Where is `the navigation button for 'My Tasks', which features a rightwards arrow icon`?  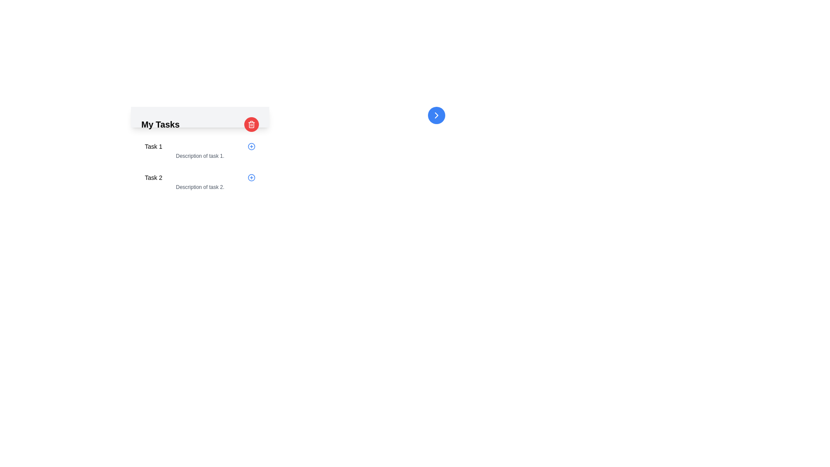 the navigation button for 'My Tasks', which features a rightwards arrow icon is located at coordinates (436, 115).